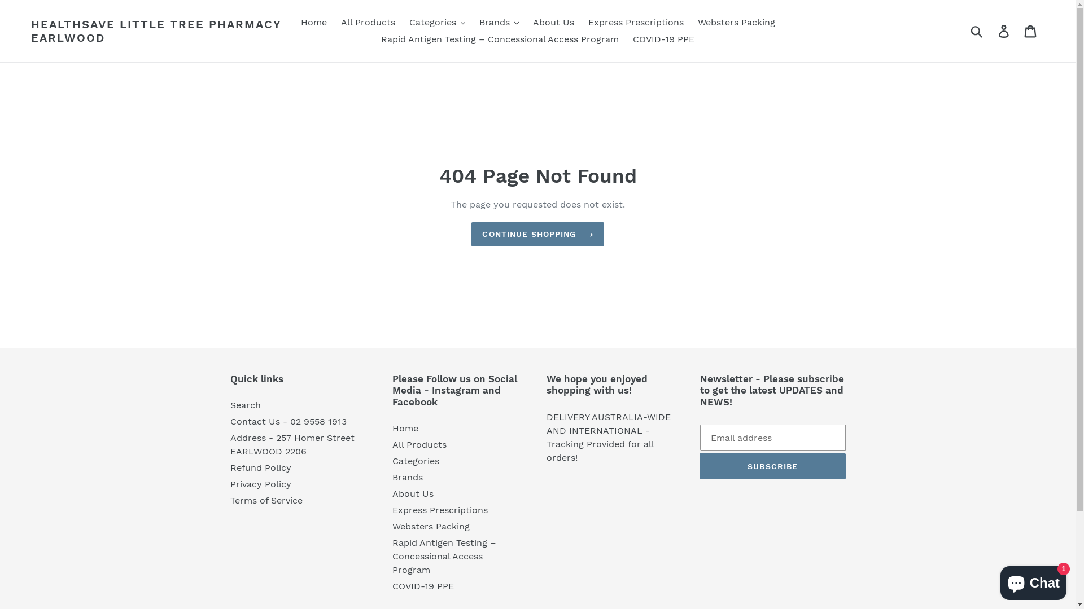  I want to click on 'COVID-19 PPE', so click(626, 38).